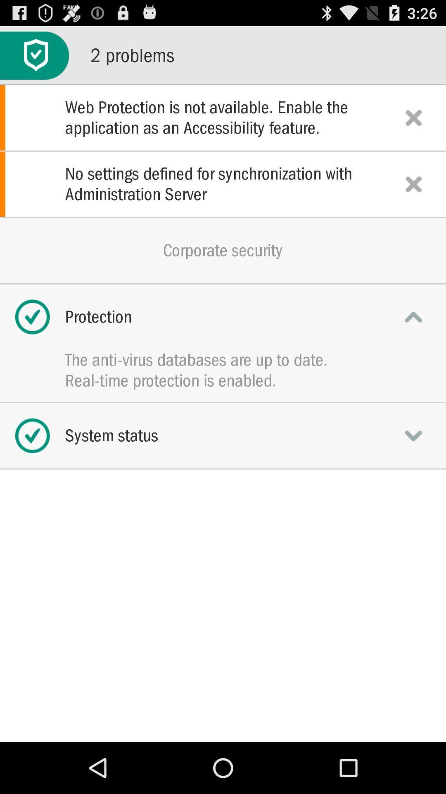 The width and height of the screenshot is (446, 794). I want to click on the down arrow button at bottom right, so click(413, 435).